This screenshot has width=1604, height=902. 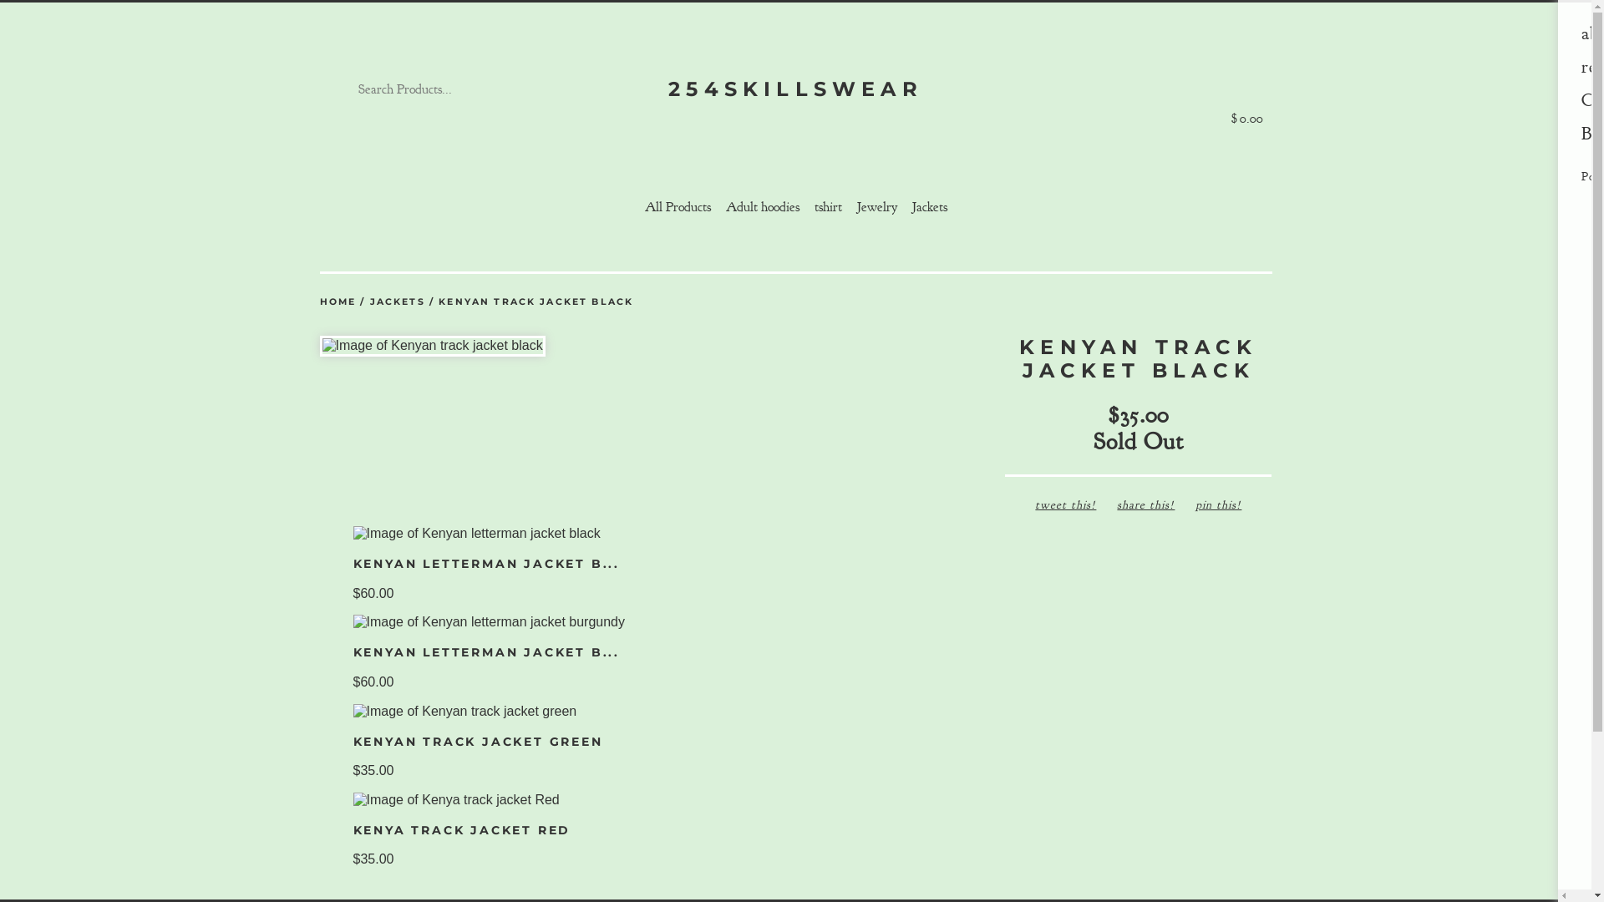 I want to click on 'Menu', so click(x=1548, y=47).